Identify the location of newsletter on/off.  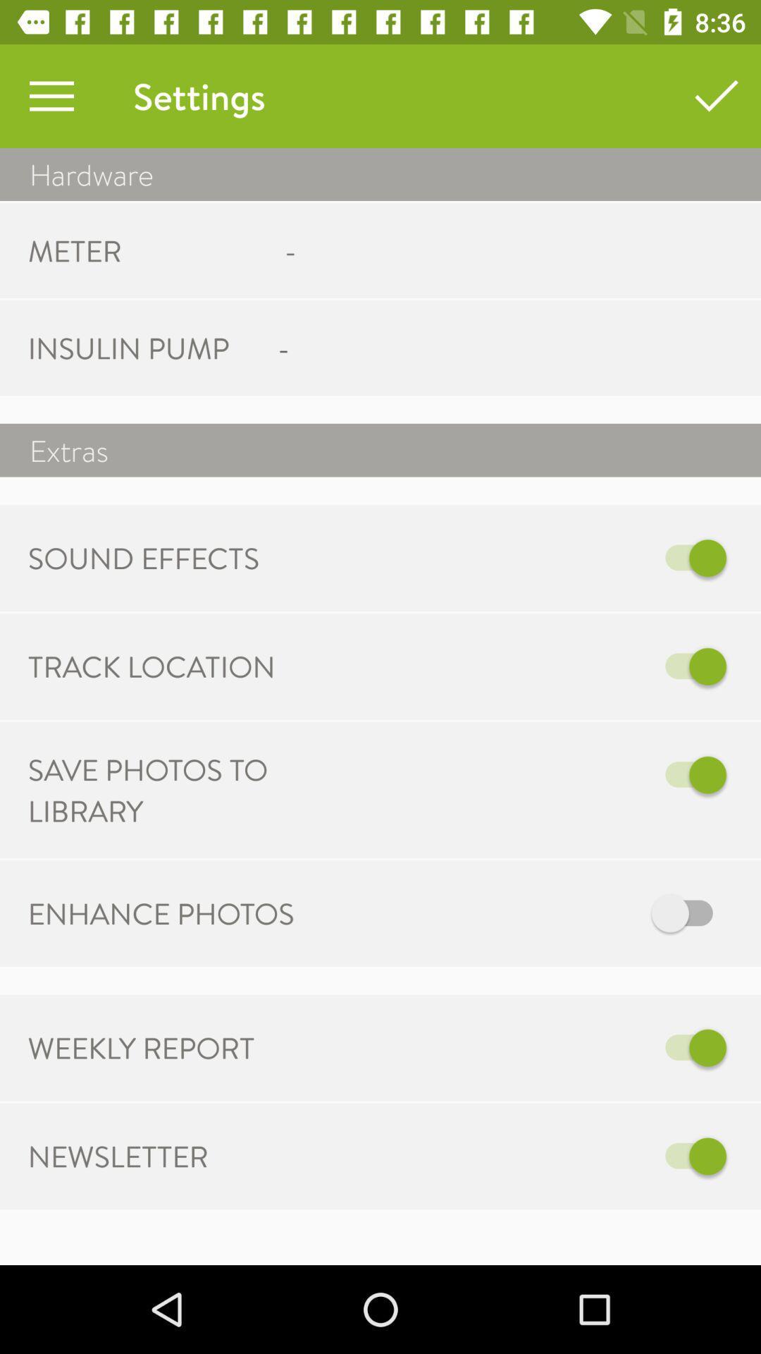
(526, 1156).